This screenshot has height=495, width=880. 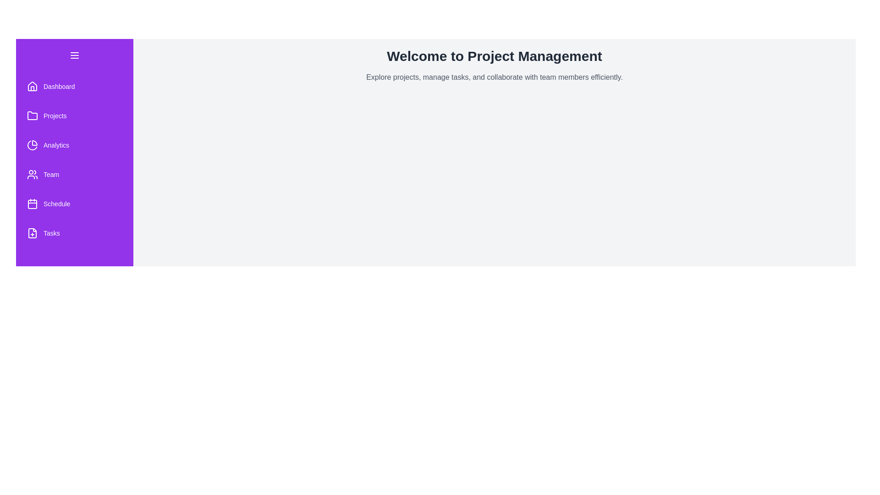 I want to click on the 'Schedule' menu item, so click(x=75, y=203).